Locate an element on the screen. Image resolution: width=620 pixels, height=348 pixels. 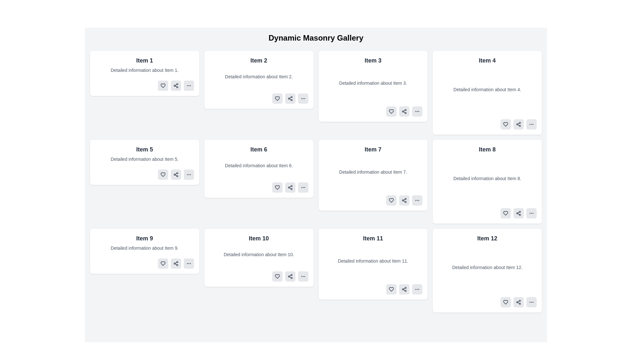
the heart-shaped icon located in the bottom-left corner of the 'Item 11' card is located at coordinates (391, 289).